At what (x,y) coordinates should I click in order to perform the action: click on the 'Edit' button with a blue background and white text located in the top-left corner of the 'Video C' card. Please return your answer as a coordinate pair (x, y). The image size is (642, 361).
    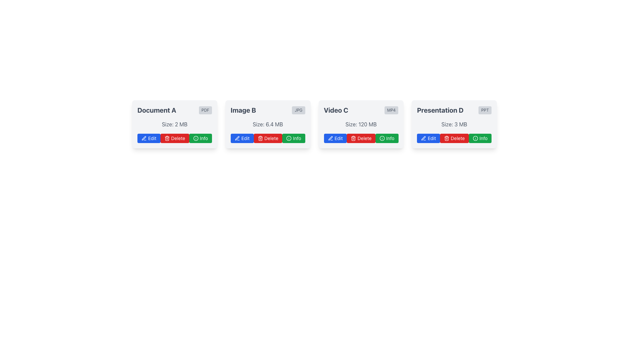
    Looking at the image, I should click on (335, 138).